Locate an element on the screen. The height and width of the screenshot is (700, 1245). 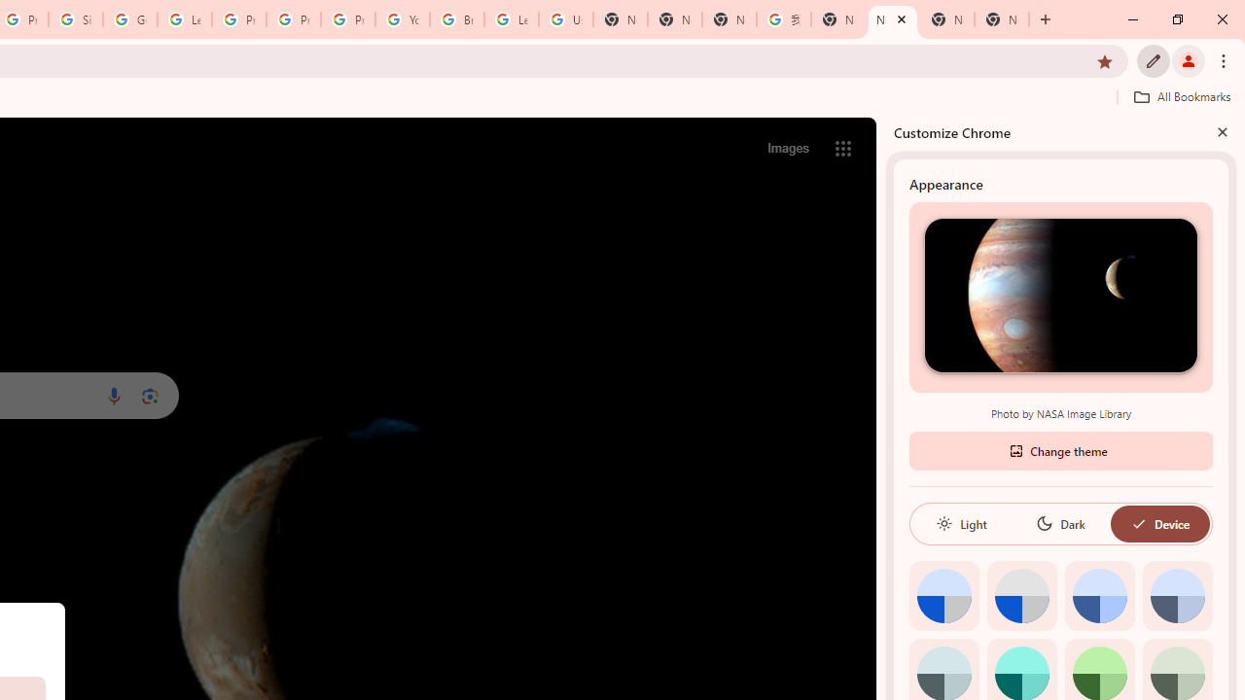
'Privacy Help Center - Policies Help' is located at coordinates (293, 19).